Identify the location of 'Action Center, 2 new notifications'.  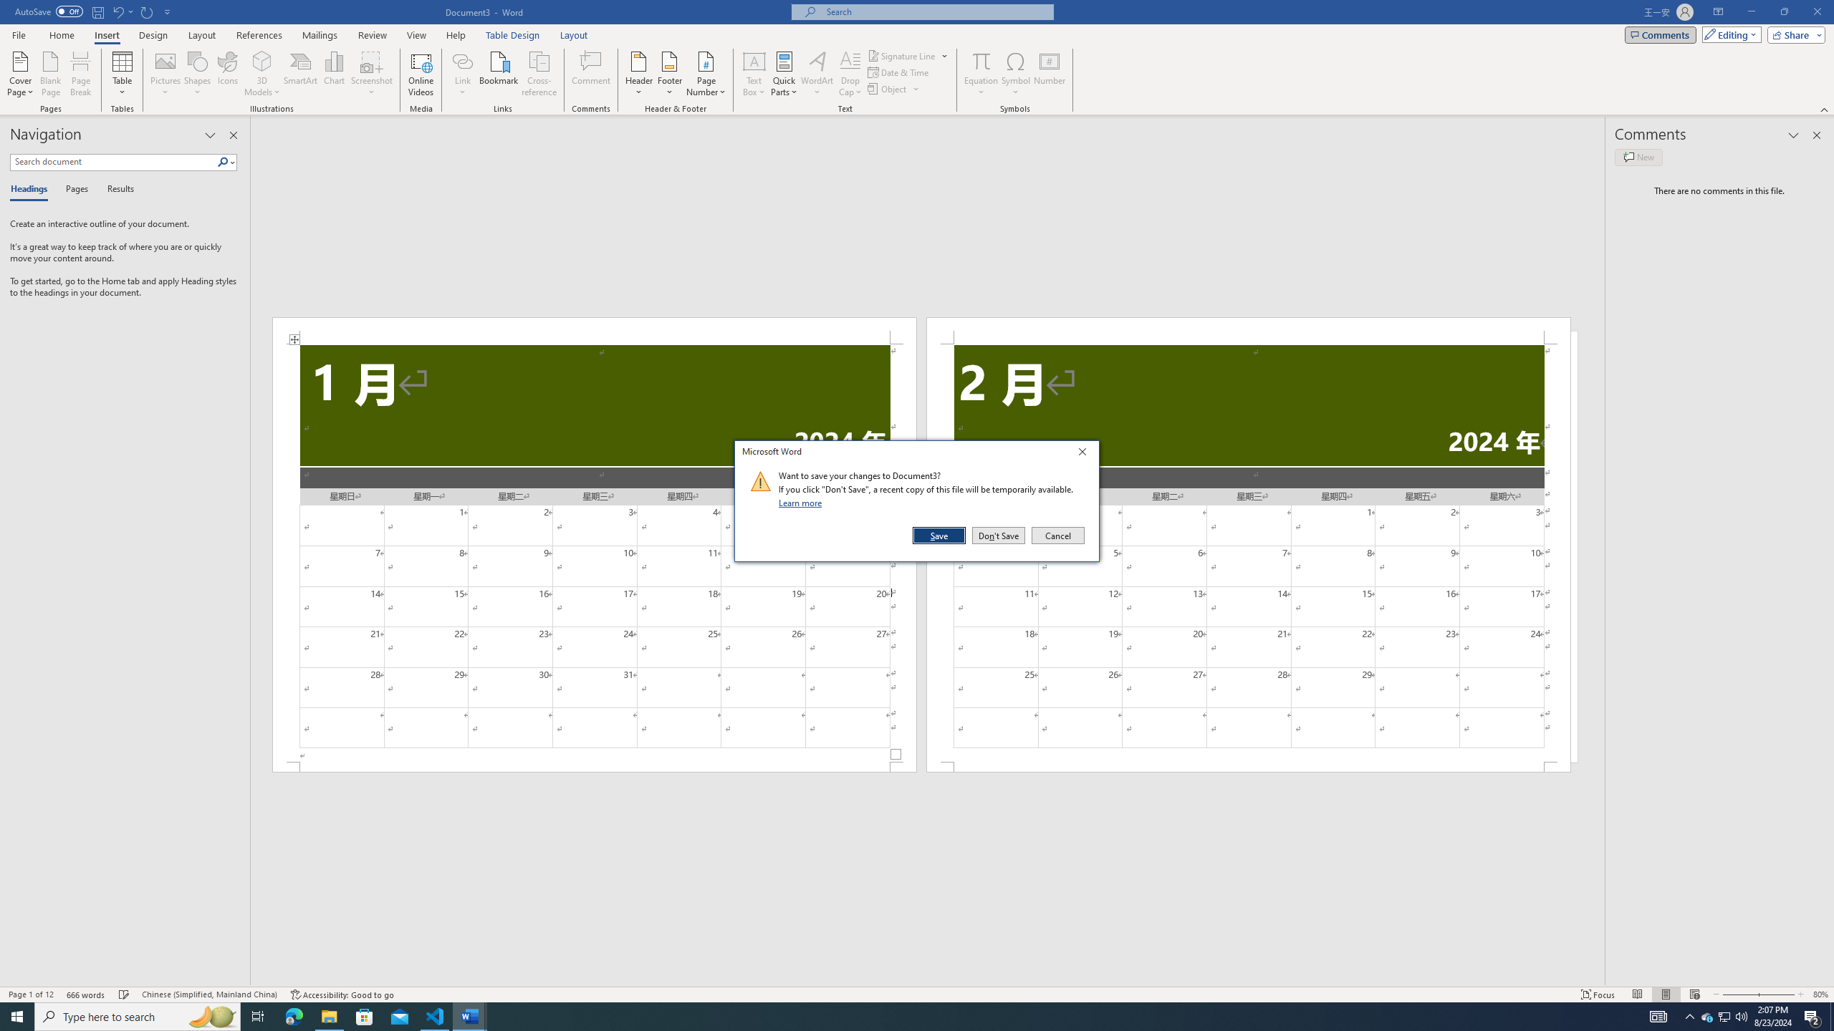
(1813, 1015).